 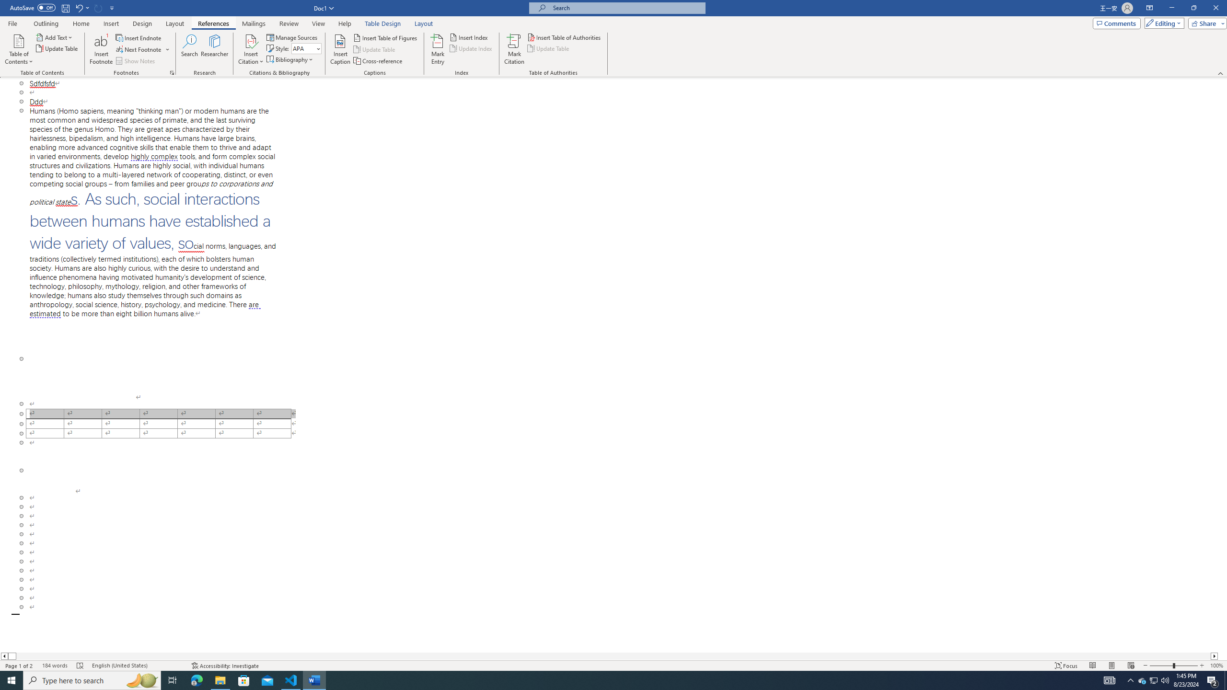 I want to click on 'Update Index', so click(x=471, y=47).